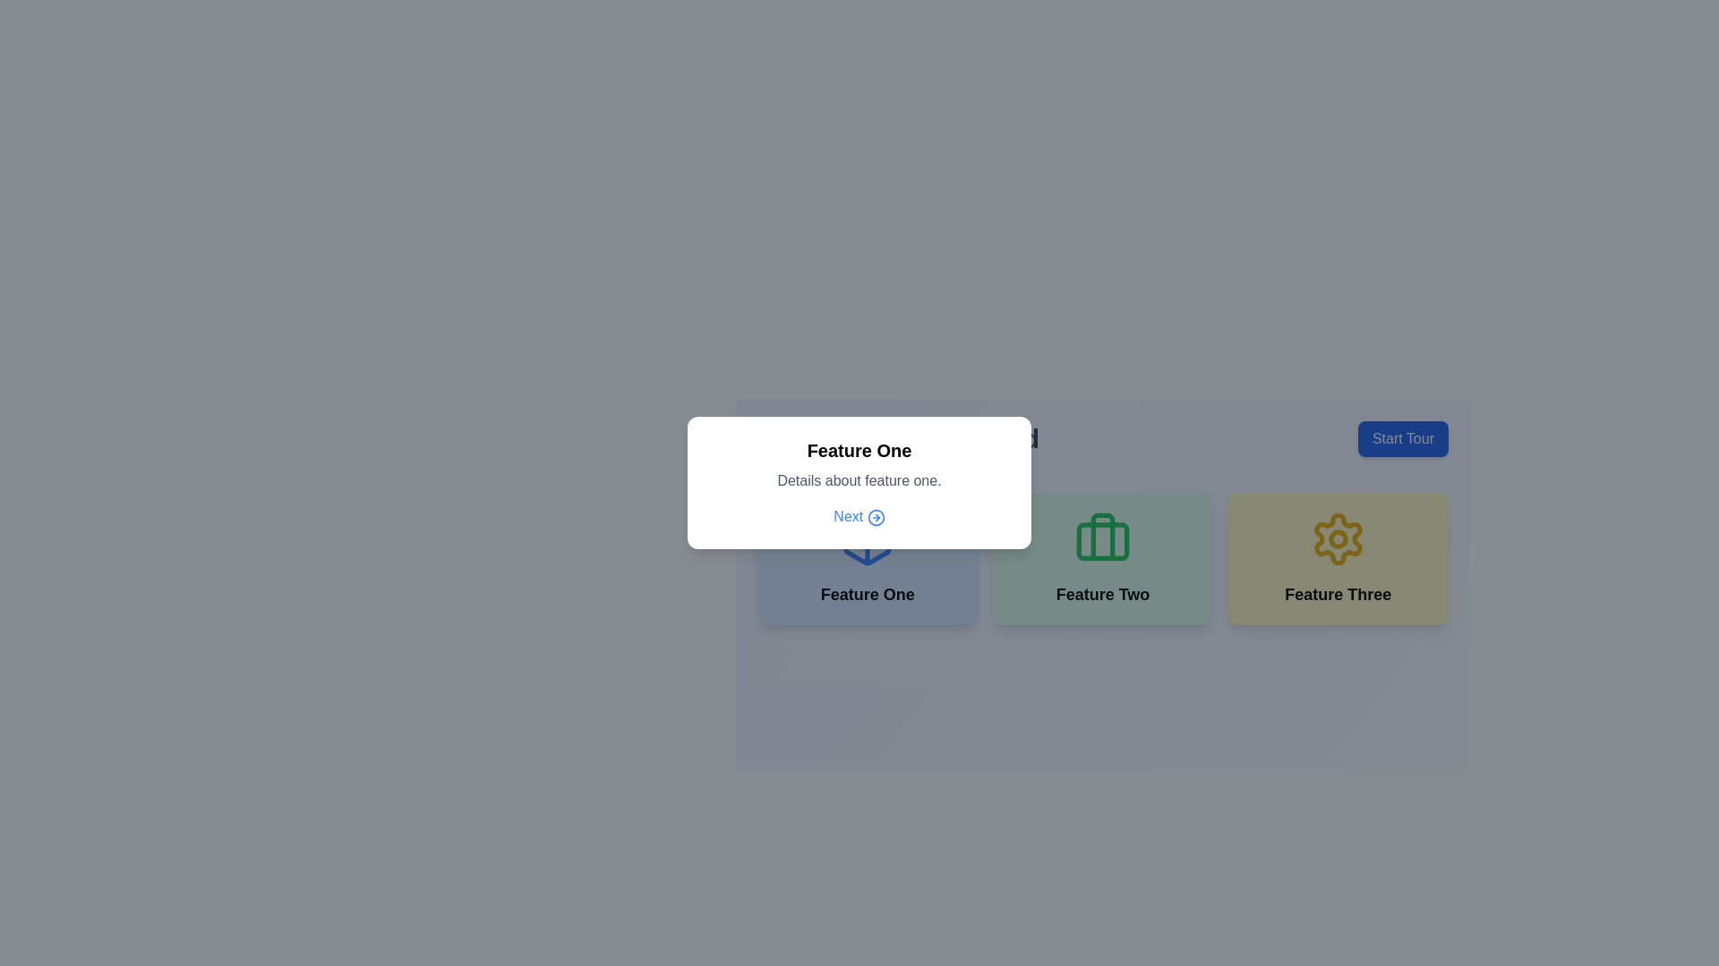 Image resolution: width=1719 pixels, height=966 pixels. I want to click on the bold text element labeled 'Feature Three' located at the bottom section of the card, so click(1338, 594).